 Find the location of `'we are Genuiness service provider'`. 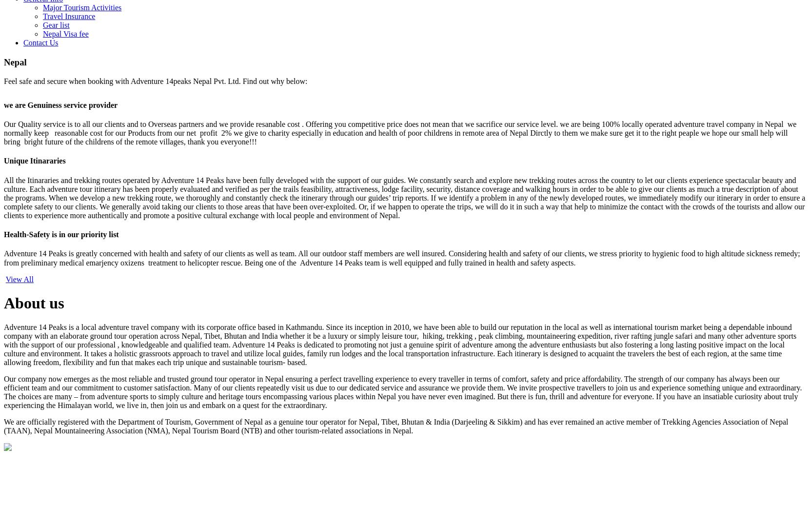

'we are Genuiness service provider' is located at coordinates (60, 104).